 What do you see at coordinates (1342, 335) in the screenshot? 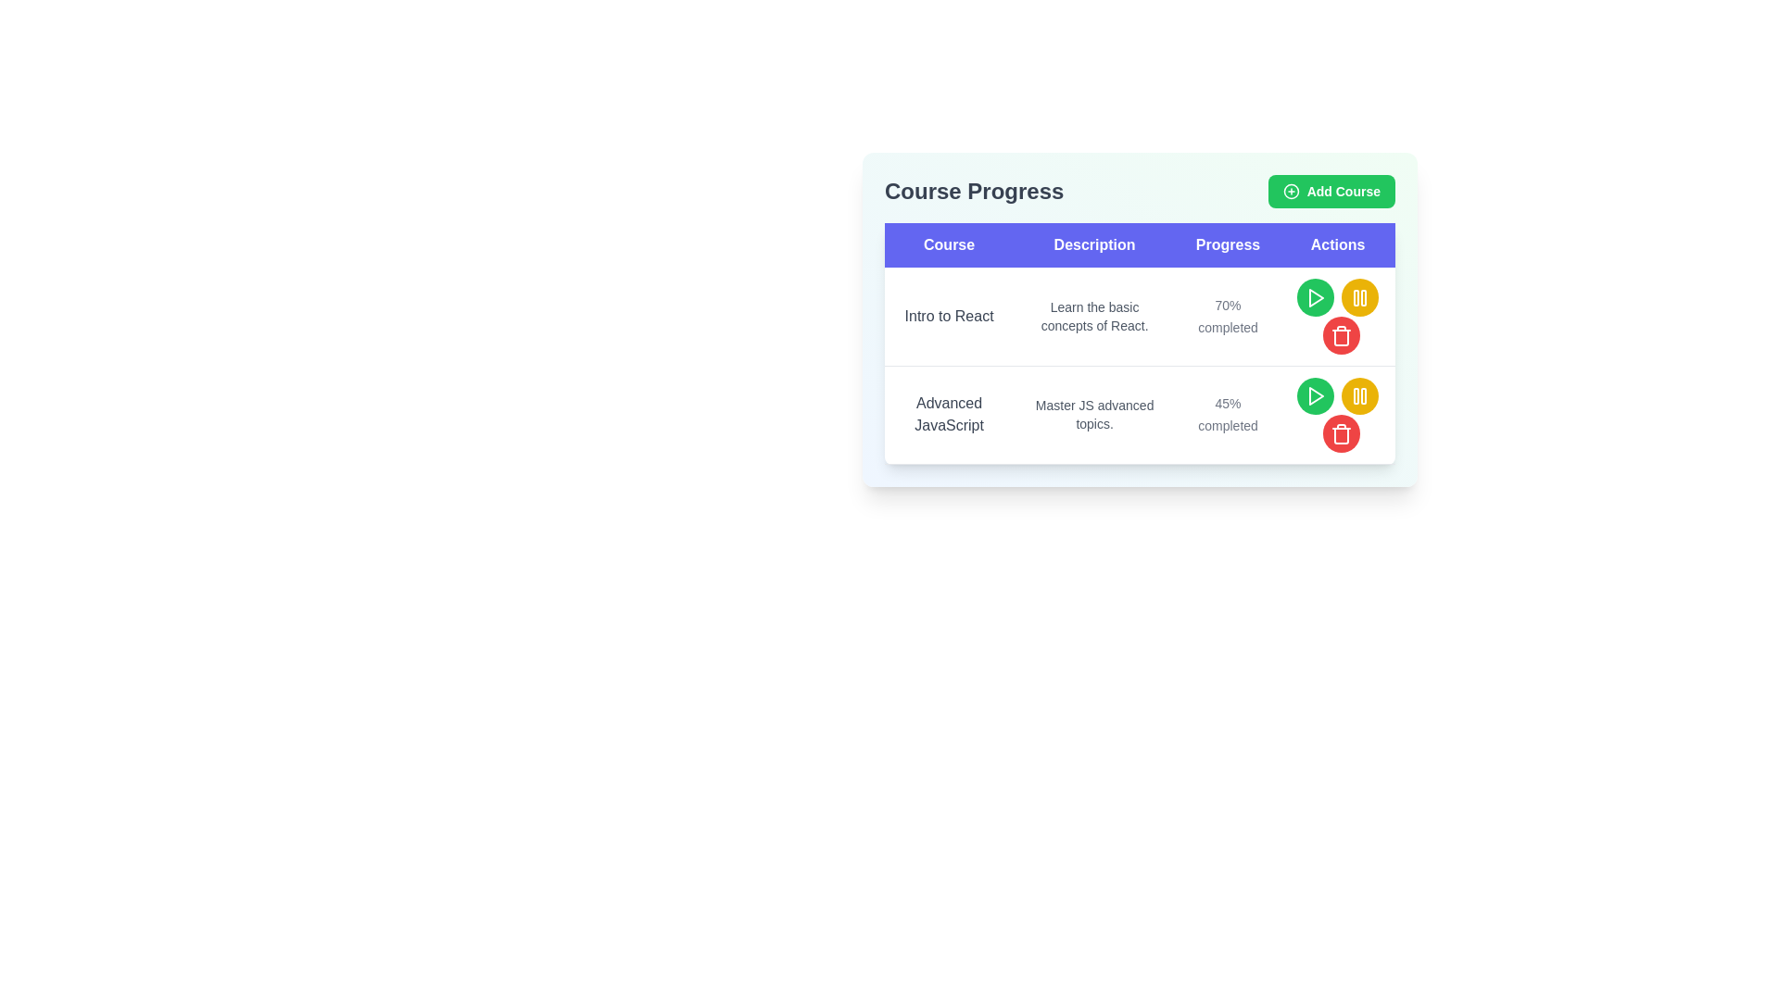
I see `the red circular button with a trash can icon in the 'Actions' column of the first row` at bounding box center [1342, 335].